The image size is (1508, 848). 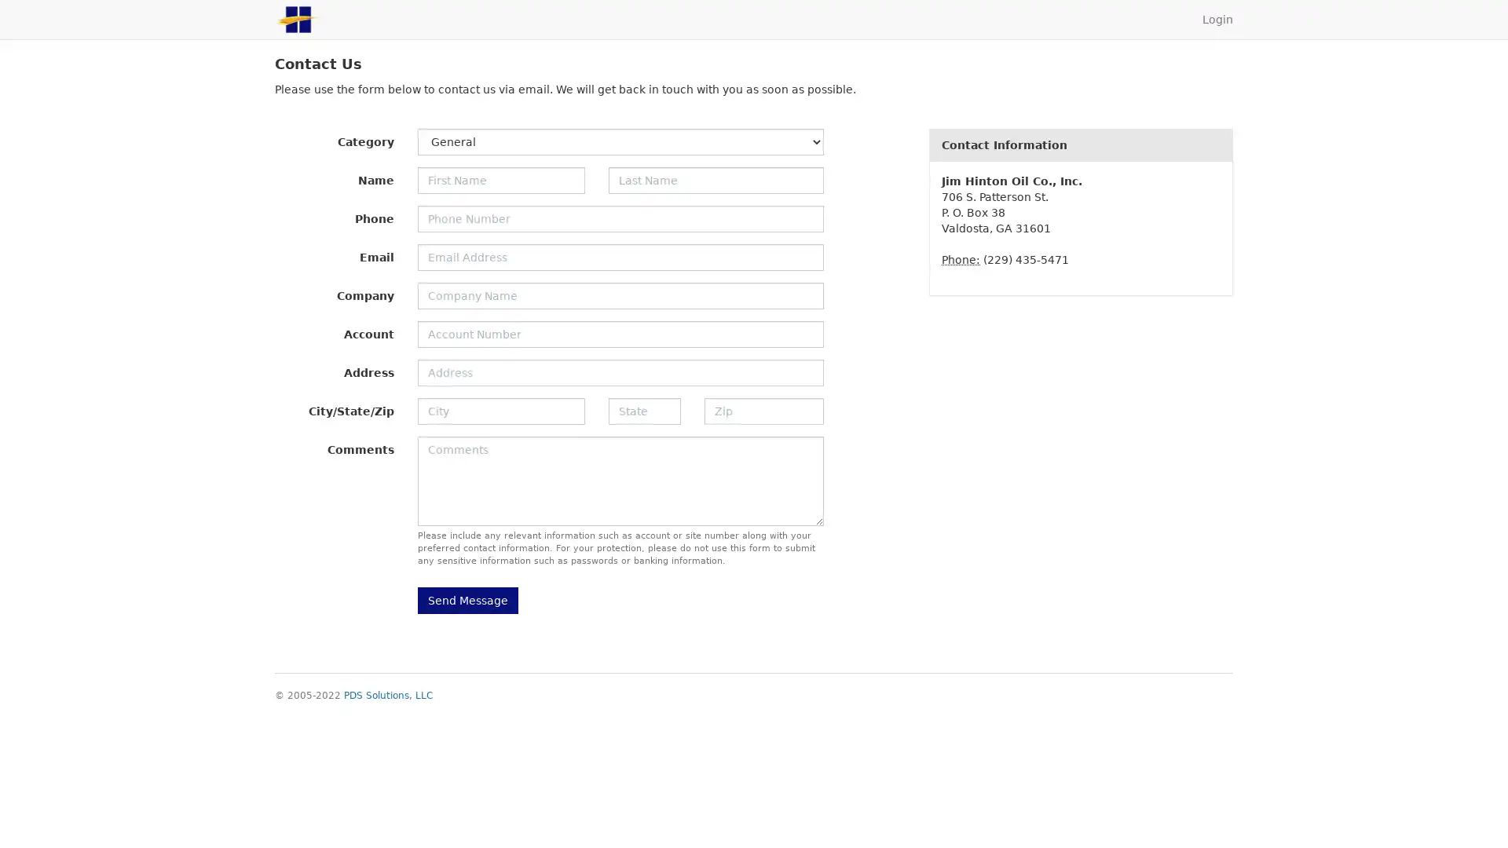 I want to click on Send Message, so click(x=467, y=600).